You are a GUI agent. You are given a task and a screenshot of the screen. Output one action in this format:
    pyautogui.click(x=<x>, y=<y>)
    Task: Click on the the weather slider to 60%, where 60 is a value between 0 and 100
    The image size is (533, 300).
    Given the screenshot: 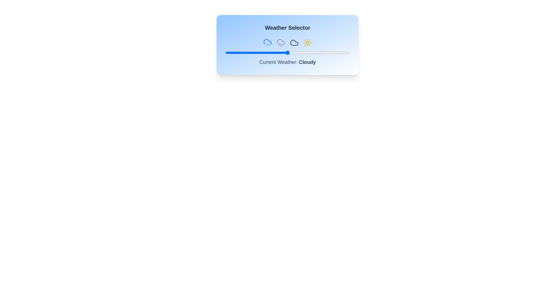 What is the action you would take?
    pyautogui.click(x=300, y=52)
    